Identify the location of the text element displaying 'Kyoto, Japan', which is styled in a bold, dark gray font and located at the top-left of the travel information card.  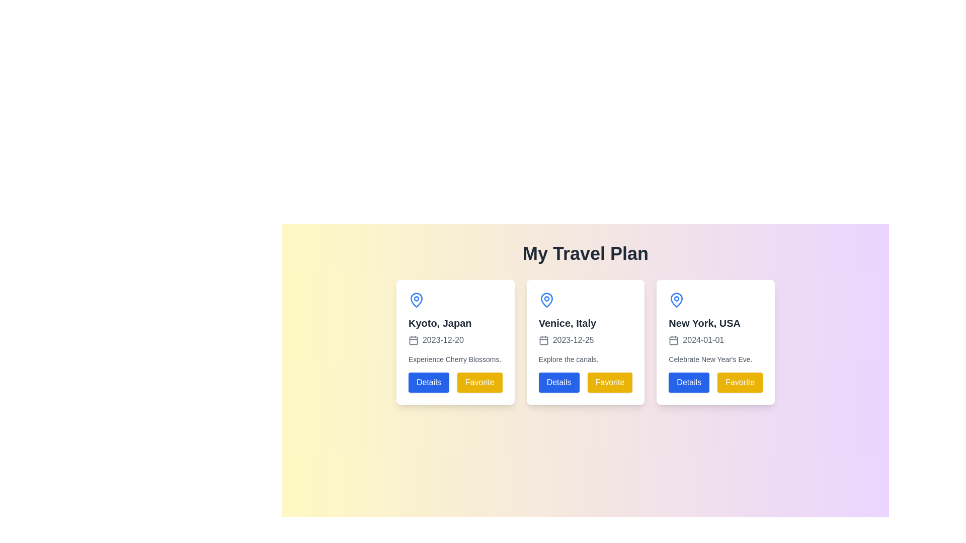
(440, 323).